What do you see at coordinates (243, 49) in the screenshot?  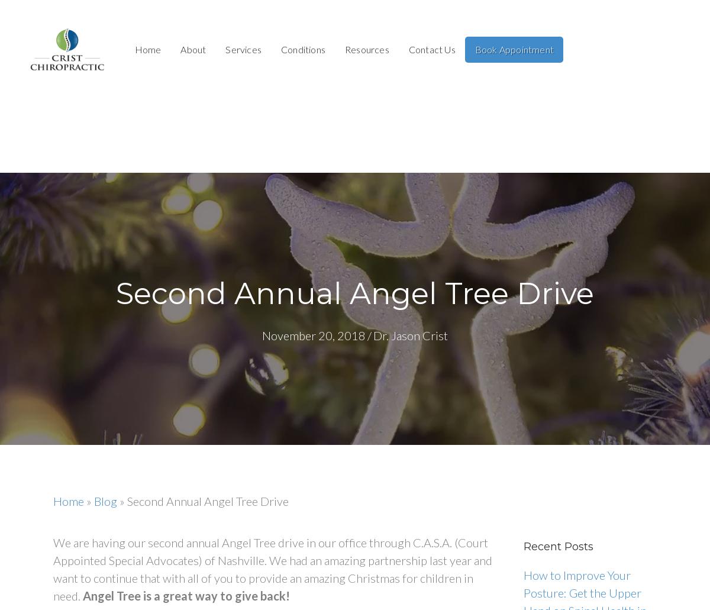 I see `'Services'` at bounding box center [243, 49].